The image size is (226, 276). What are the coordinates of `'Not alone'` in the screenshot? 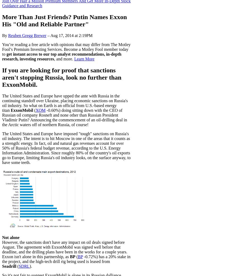 It's located at (11, 237).